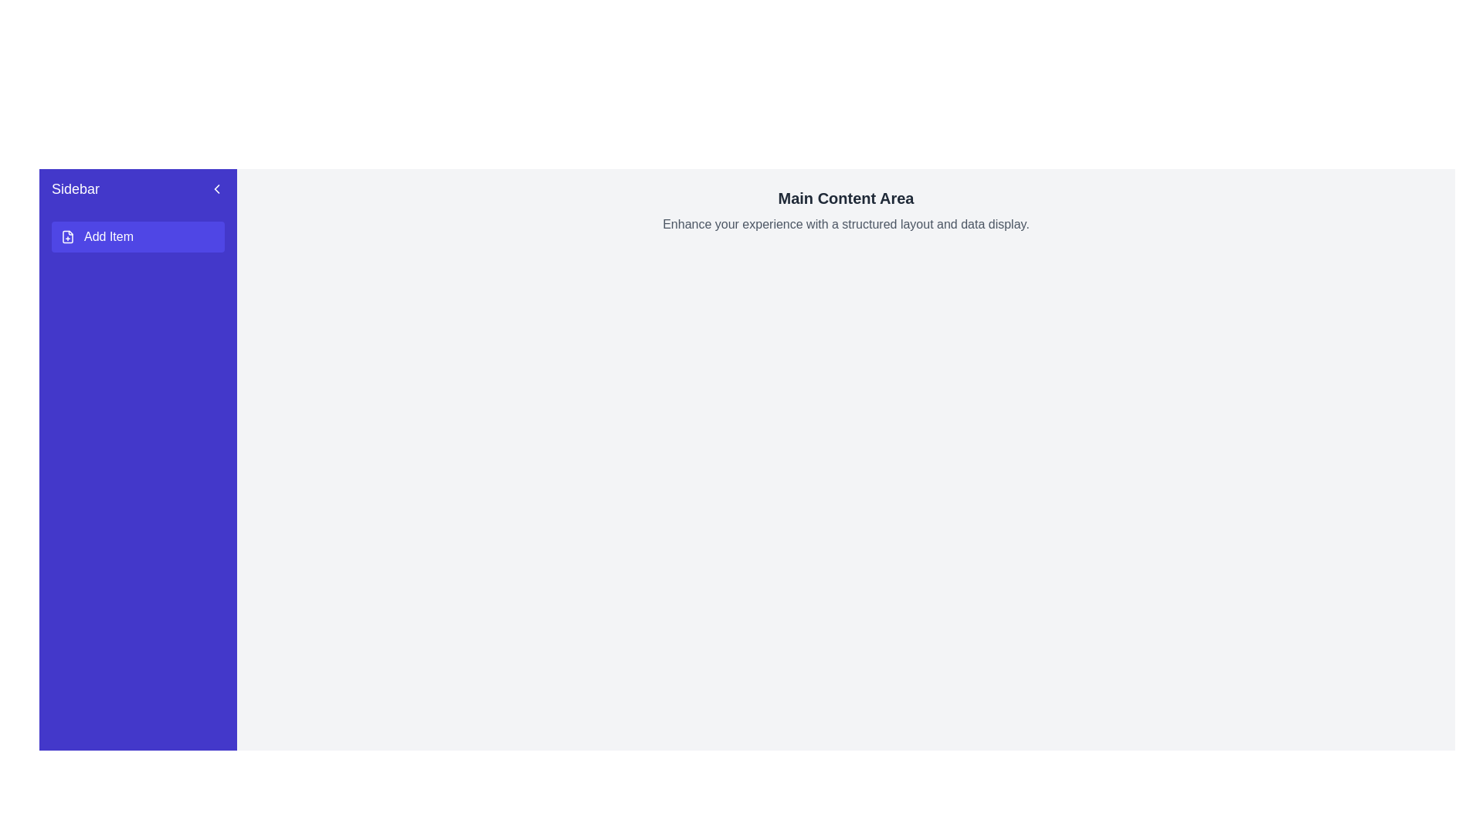  What do you see at coordinates (216, 188) in the screenshot?
I see `the chevron left icon button located at the top-right corner of the sidebar` at bounding box center [216, 188].